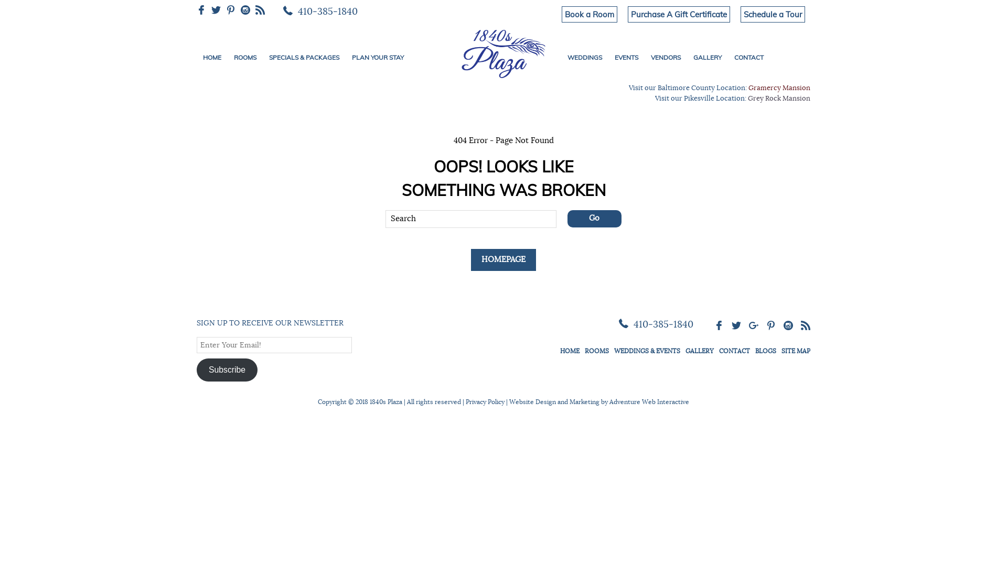 This screenshot has width=1007, height=566. I want to click on 'GALLERY', so click(700, 351).